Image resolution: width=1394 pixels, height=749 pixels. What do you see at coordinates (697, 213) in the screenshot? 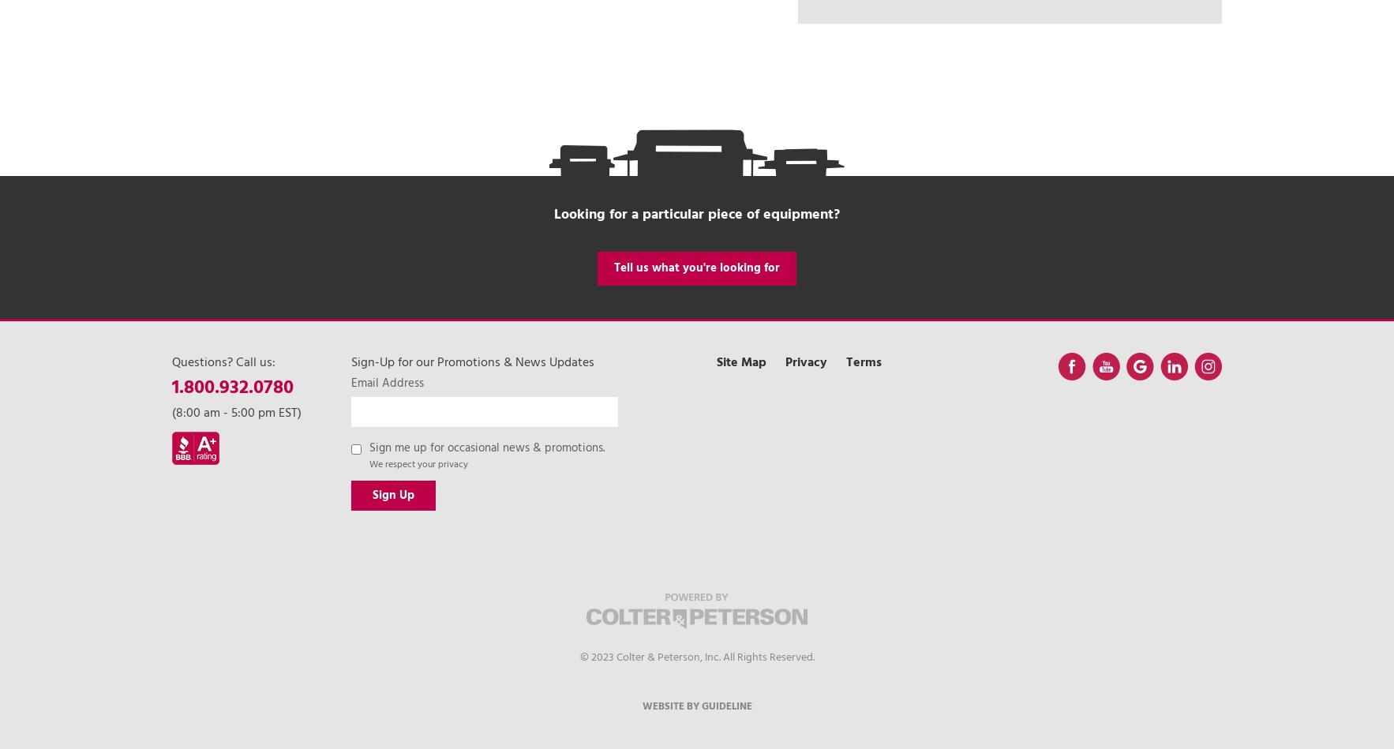
I see `'Looking for a particular piece of equipment?'` at bounding box center [697, 213].